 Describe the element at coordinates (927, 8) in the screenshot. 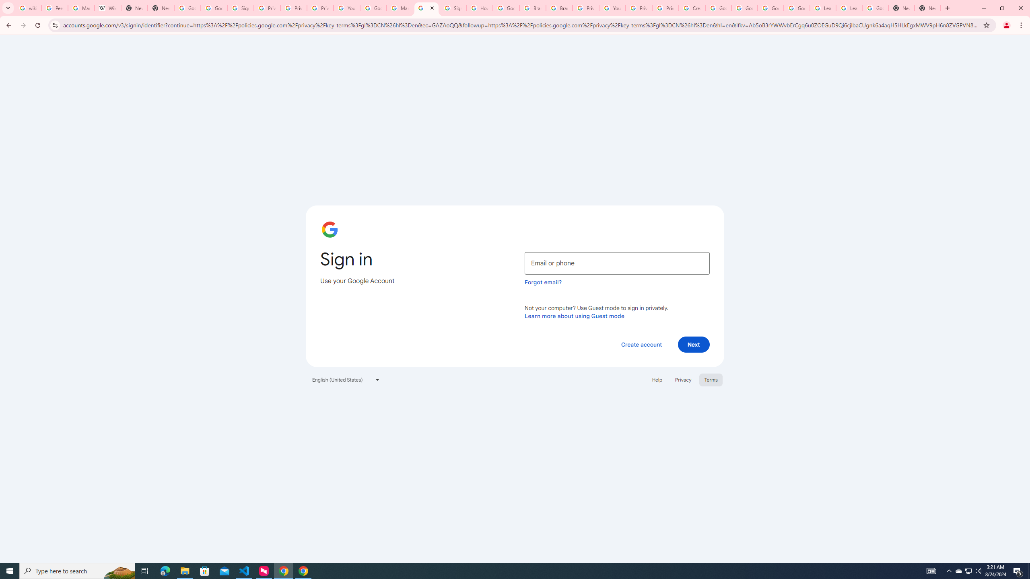

I see `'New Tab'` at that location.